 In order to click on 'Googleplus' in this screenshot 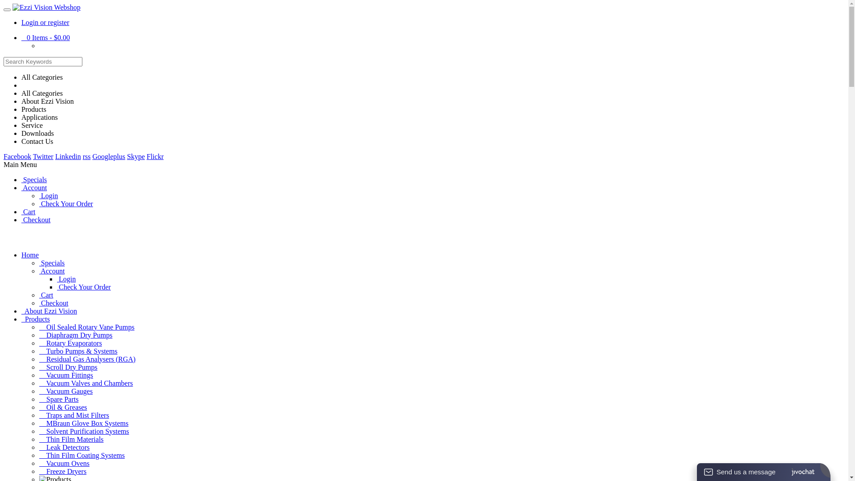, I will do `click(92, 156)`.